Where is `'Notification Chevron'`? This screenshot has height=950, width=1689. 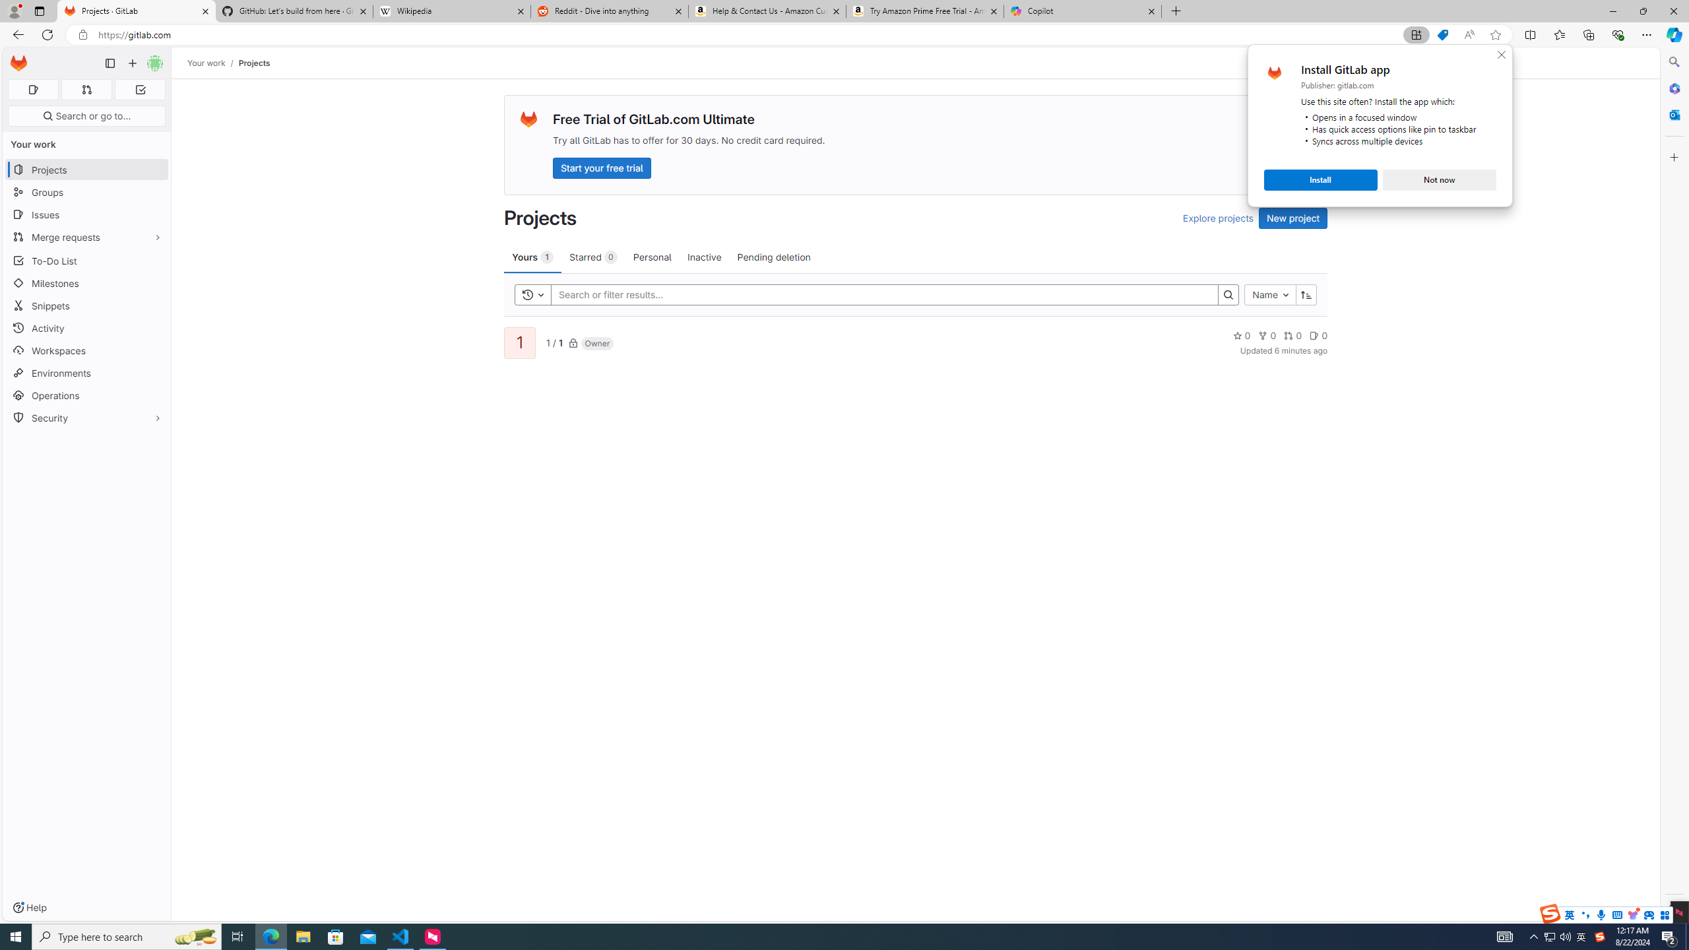 'Notification Chevron' is located at coordinates (1533, 935).